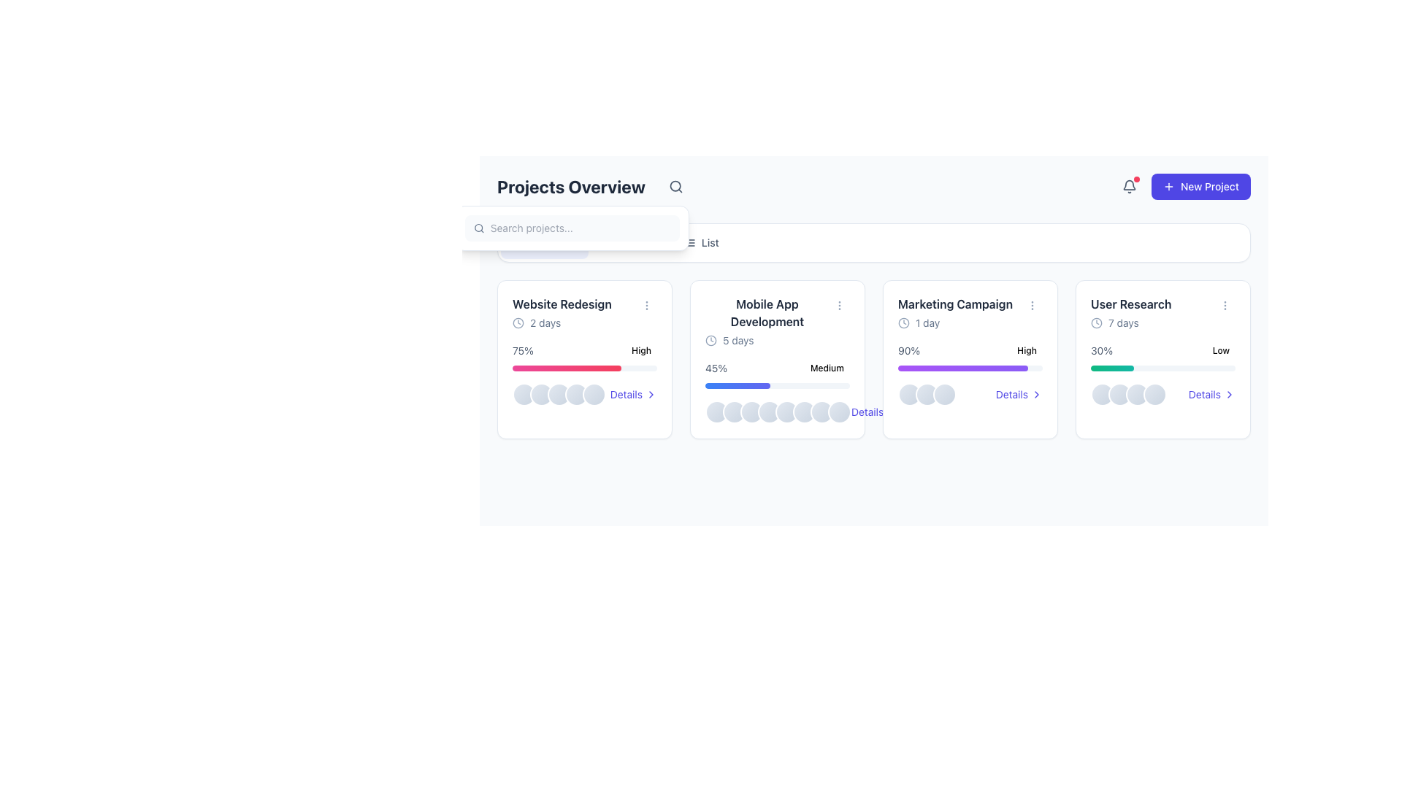 Image resolution: width=1402 pixels, height=788 pixels. What do you see at coordinates (970, 368) in the screenshot?
I see `the horizontal progress bar with a gradient from purple to violet, which is located in the lower section of the 'Marketing Campaign' card, just below the '90%' text on the left and 'High' text on the right` at bounding box center [970, 368].